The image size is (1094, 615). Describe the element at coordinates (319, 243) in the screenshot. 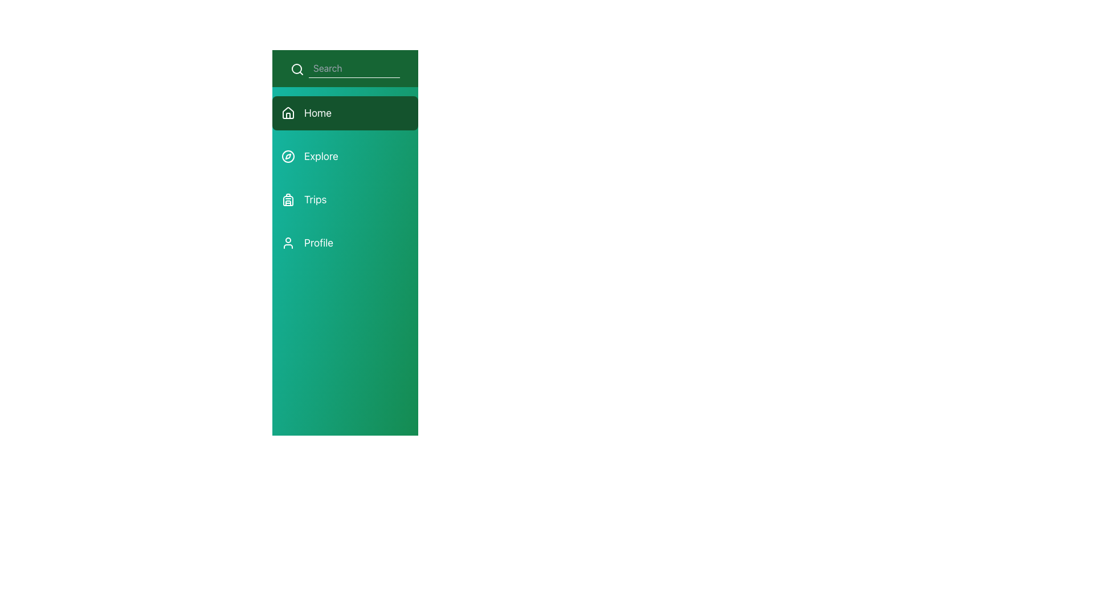

I see `the 'Profile' text label styled in white on a green gradient background, which is part of the navigation menu and associated with a user profile icon` at that location.